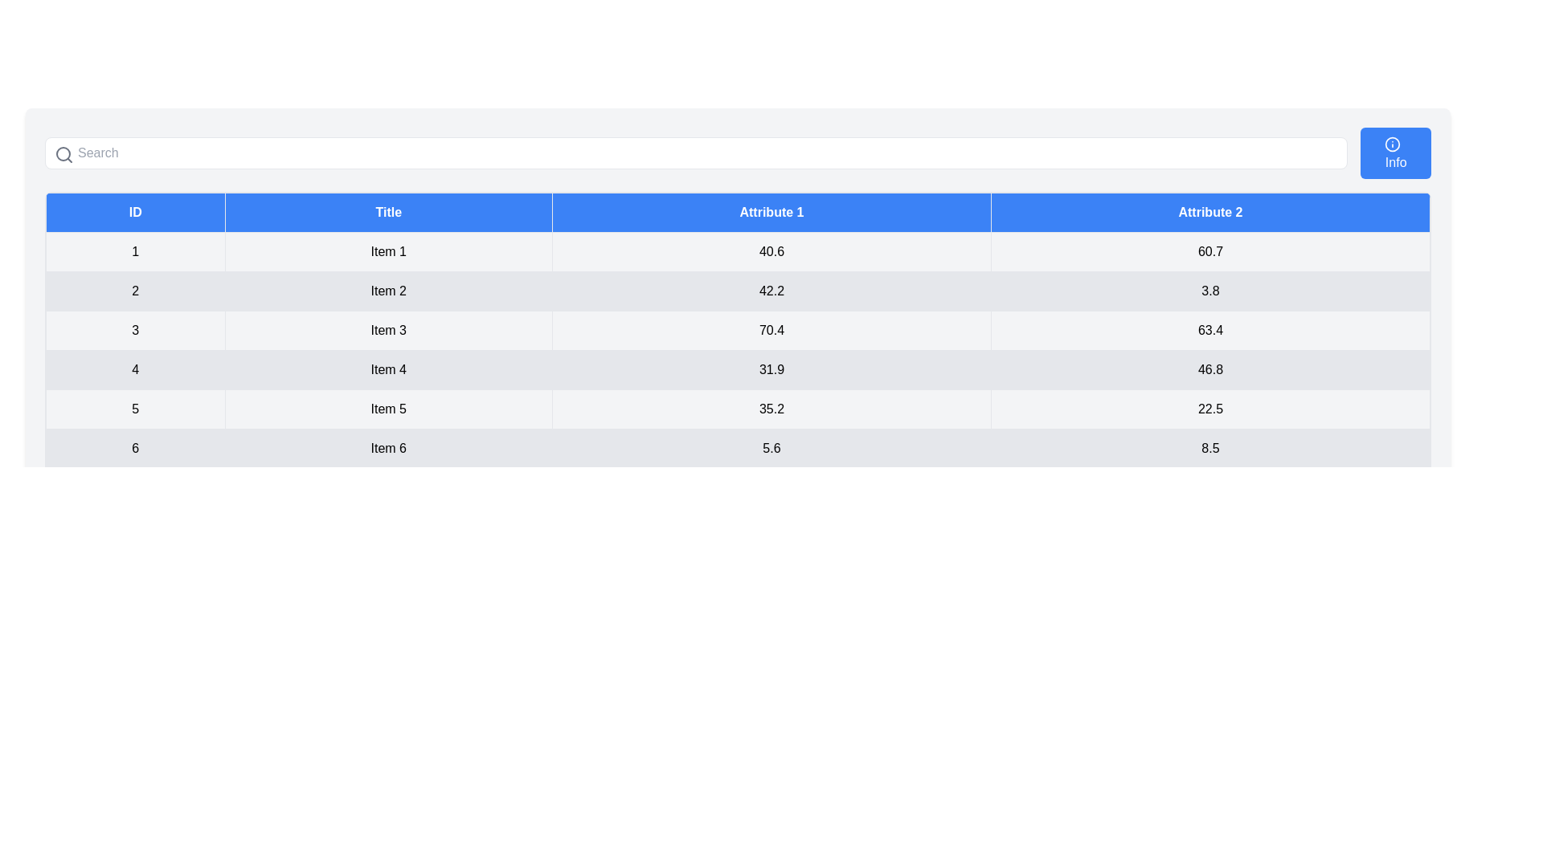  What do you see at coordinates (1210, 212) in the screenshot?
I see `the column header Attribute 2 to sort the table by that column` at bounding box center [1210, 212].